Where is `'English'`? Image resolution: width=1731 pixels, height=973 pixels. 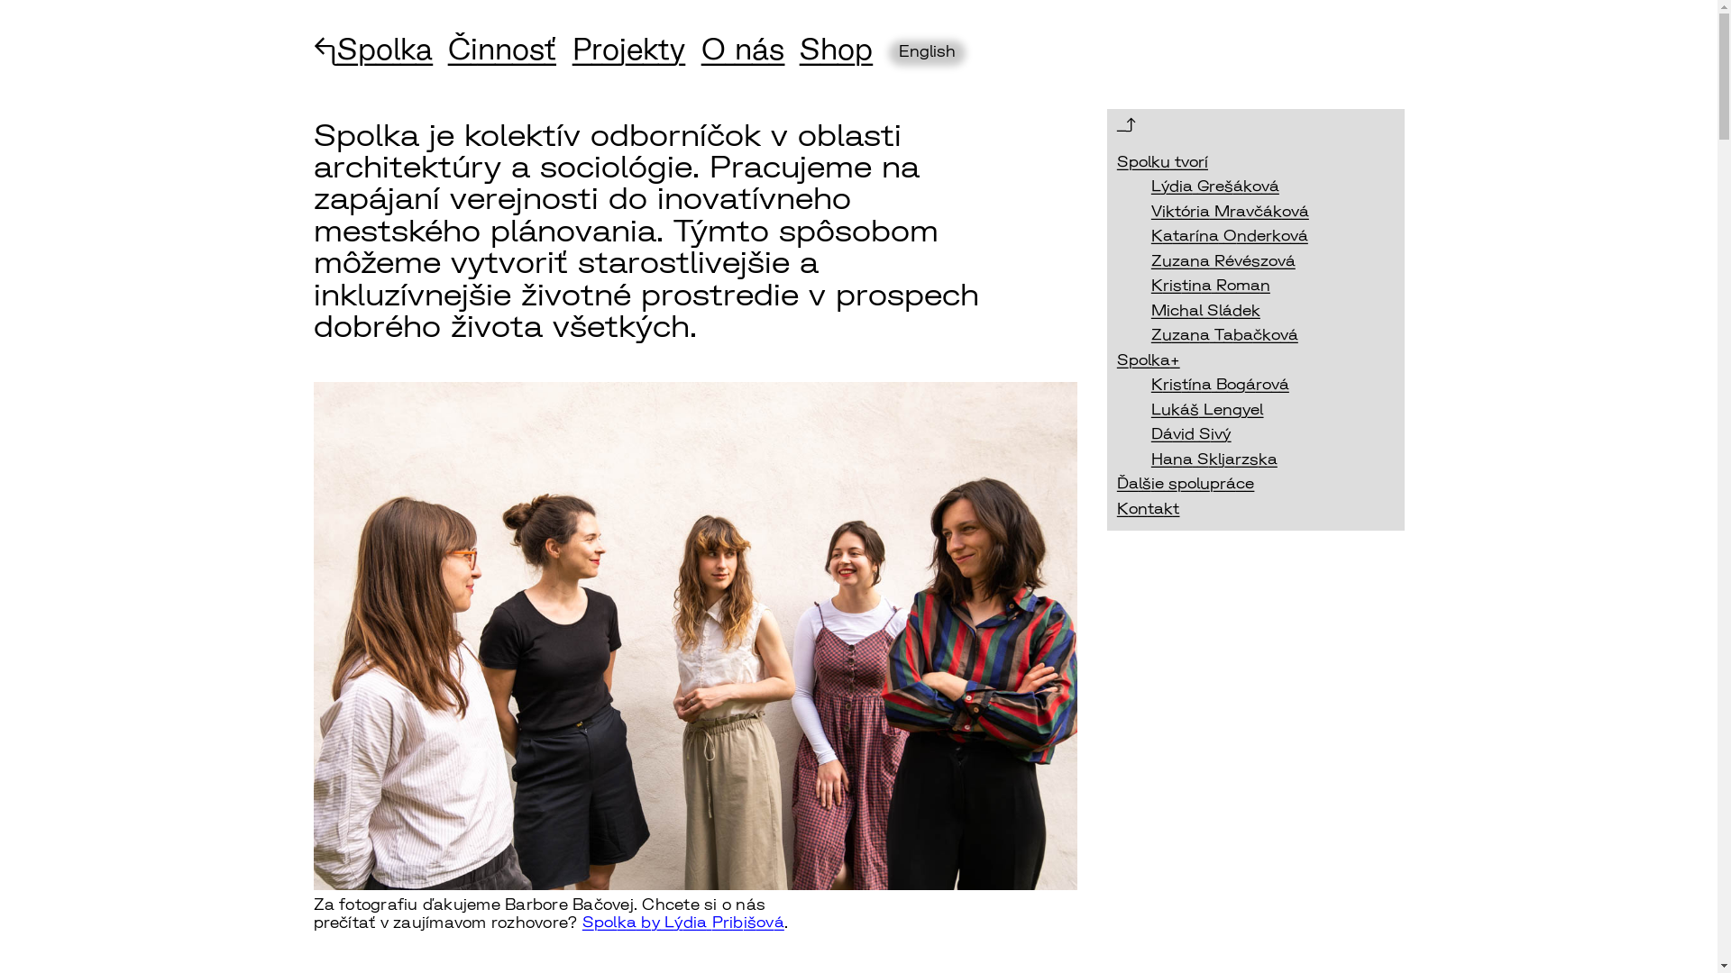
'English' is located at coordinates (927, 52).